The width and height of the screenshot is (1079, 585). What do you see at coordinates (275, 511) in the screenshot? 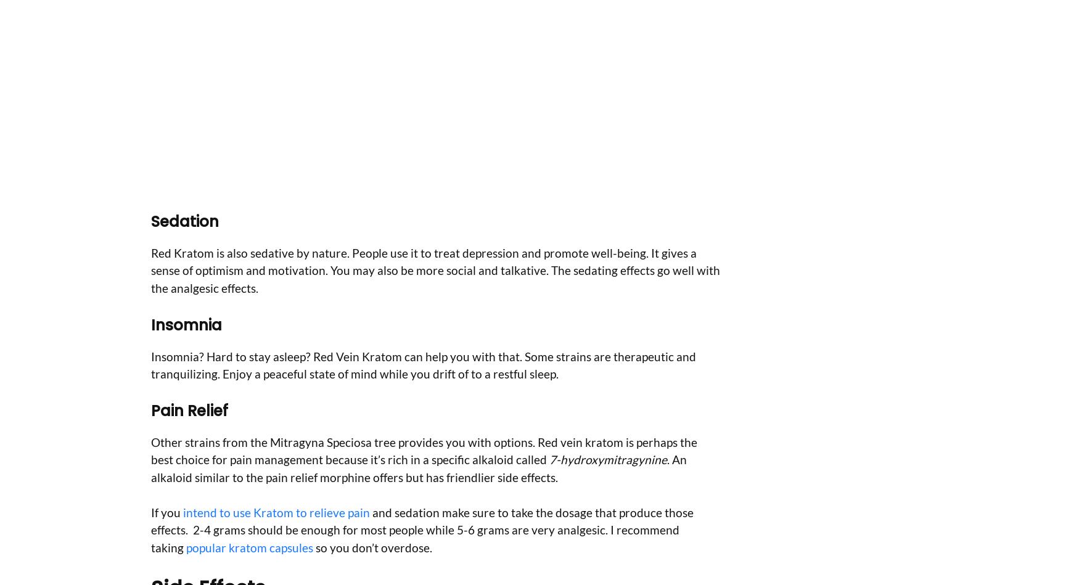
I see `'intend to use Kratom to relieve pain'` at bounding box center [275, 511].